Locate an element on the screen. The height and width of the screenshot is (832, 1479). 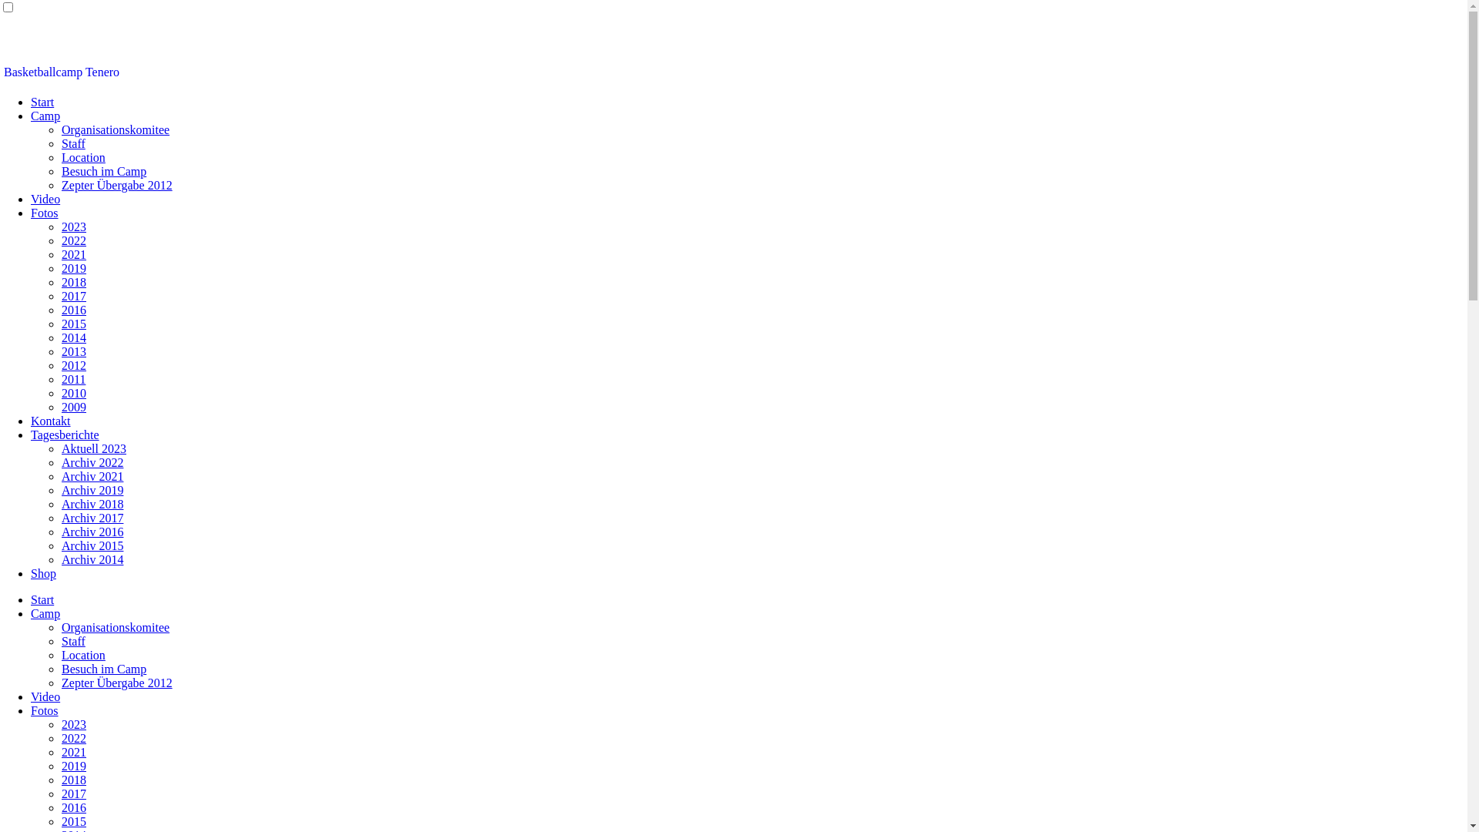
'Kontakt' is located at coordinates (51, 421).